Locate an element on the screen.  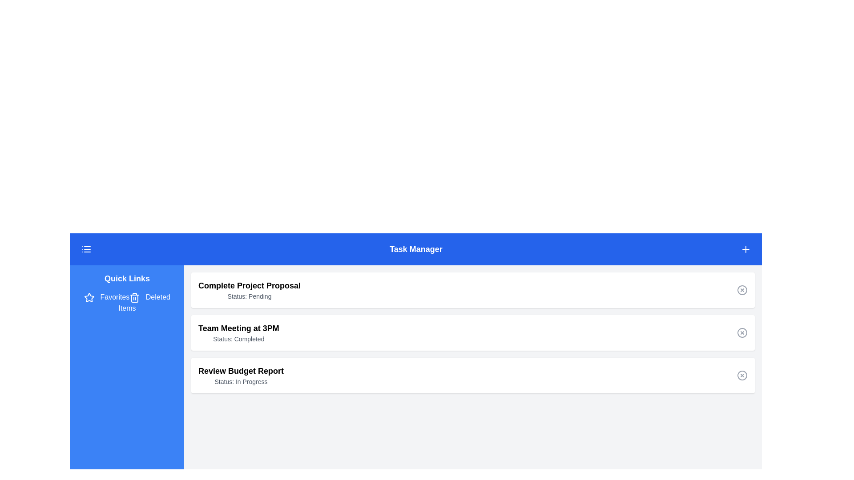
the 'Task Manager' header text label located in the blue header section at the top of the main content area is located at coordinates (415, 249).